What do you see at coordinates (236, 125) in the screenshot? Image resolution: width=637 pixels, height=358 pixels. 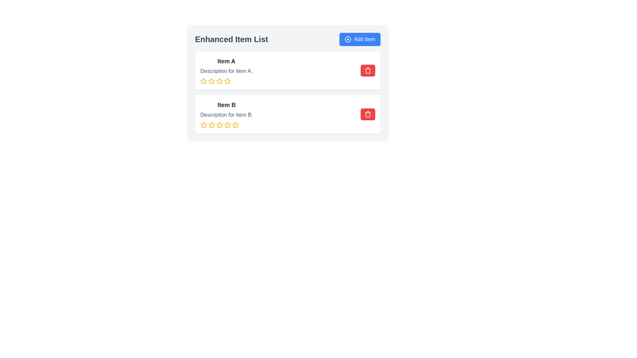 I see `the fifth star-shaped icon in the rating control for 'Item B'` at bounding box center [236, 125].